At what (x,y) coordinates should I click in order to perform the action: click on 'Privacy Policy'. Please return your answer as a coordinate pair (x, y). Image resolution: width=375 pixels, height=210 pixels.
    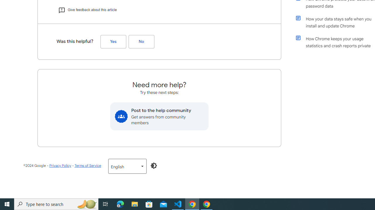
    Looking at the image, I should click on (60, 165).